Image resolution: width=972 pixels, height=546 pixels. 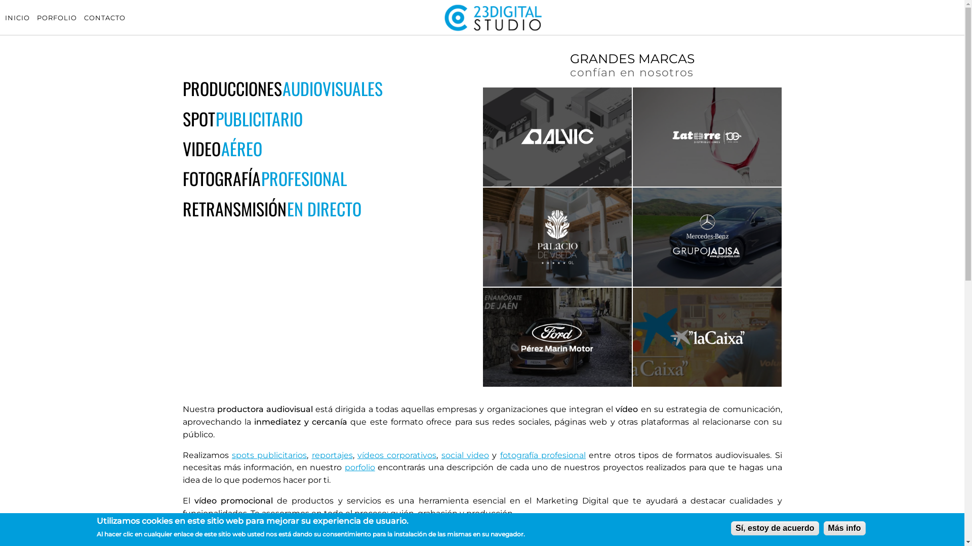 What do you see at coordinates (345, 467) in the screenshot?
I see `'porfolio'` at bounding box center [345, 467].